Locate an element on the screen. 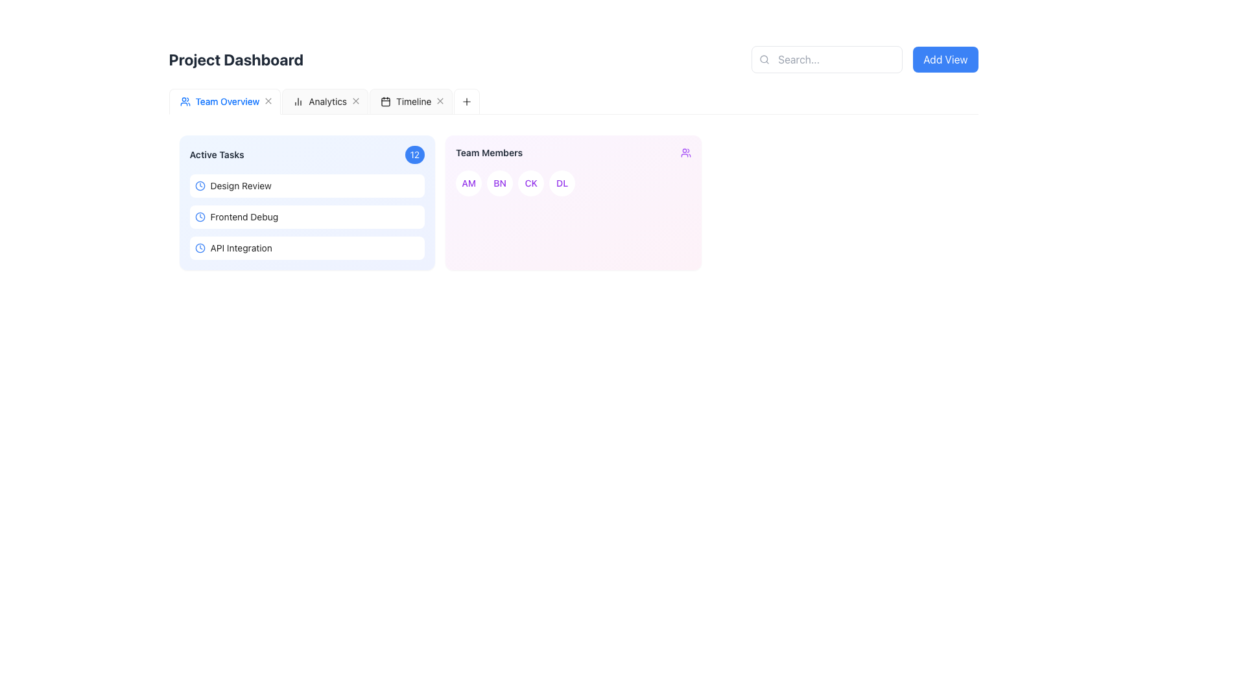 This screenshot has width=1245, height=700. the close button represented by an 'X' icon, located to the right of the 'Team Overview' tab in the navigation bar is located at coordinates (268, 101).